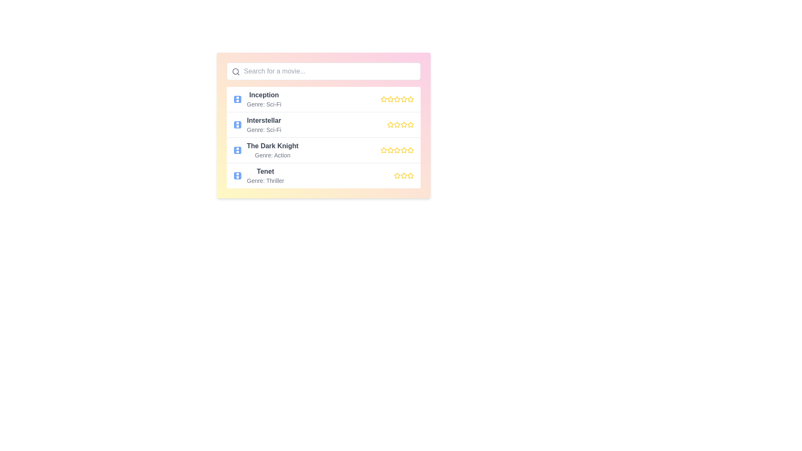  What do you see at coordinates (264, 94) in the screenshot?
I see `the title label at the top-left corner of the movie list, which signifies the name of a movie` at bounding box center [264, 94].